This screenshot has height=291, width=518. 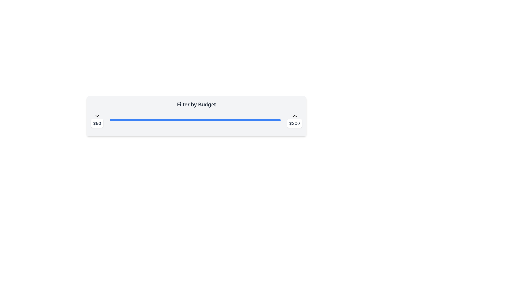 I want to click on the slider value, so click(x=274, y=120).